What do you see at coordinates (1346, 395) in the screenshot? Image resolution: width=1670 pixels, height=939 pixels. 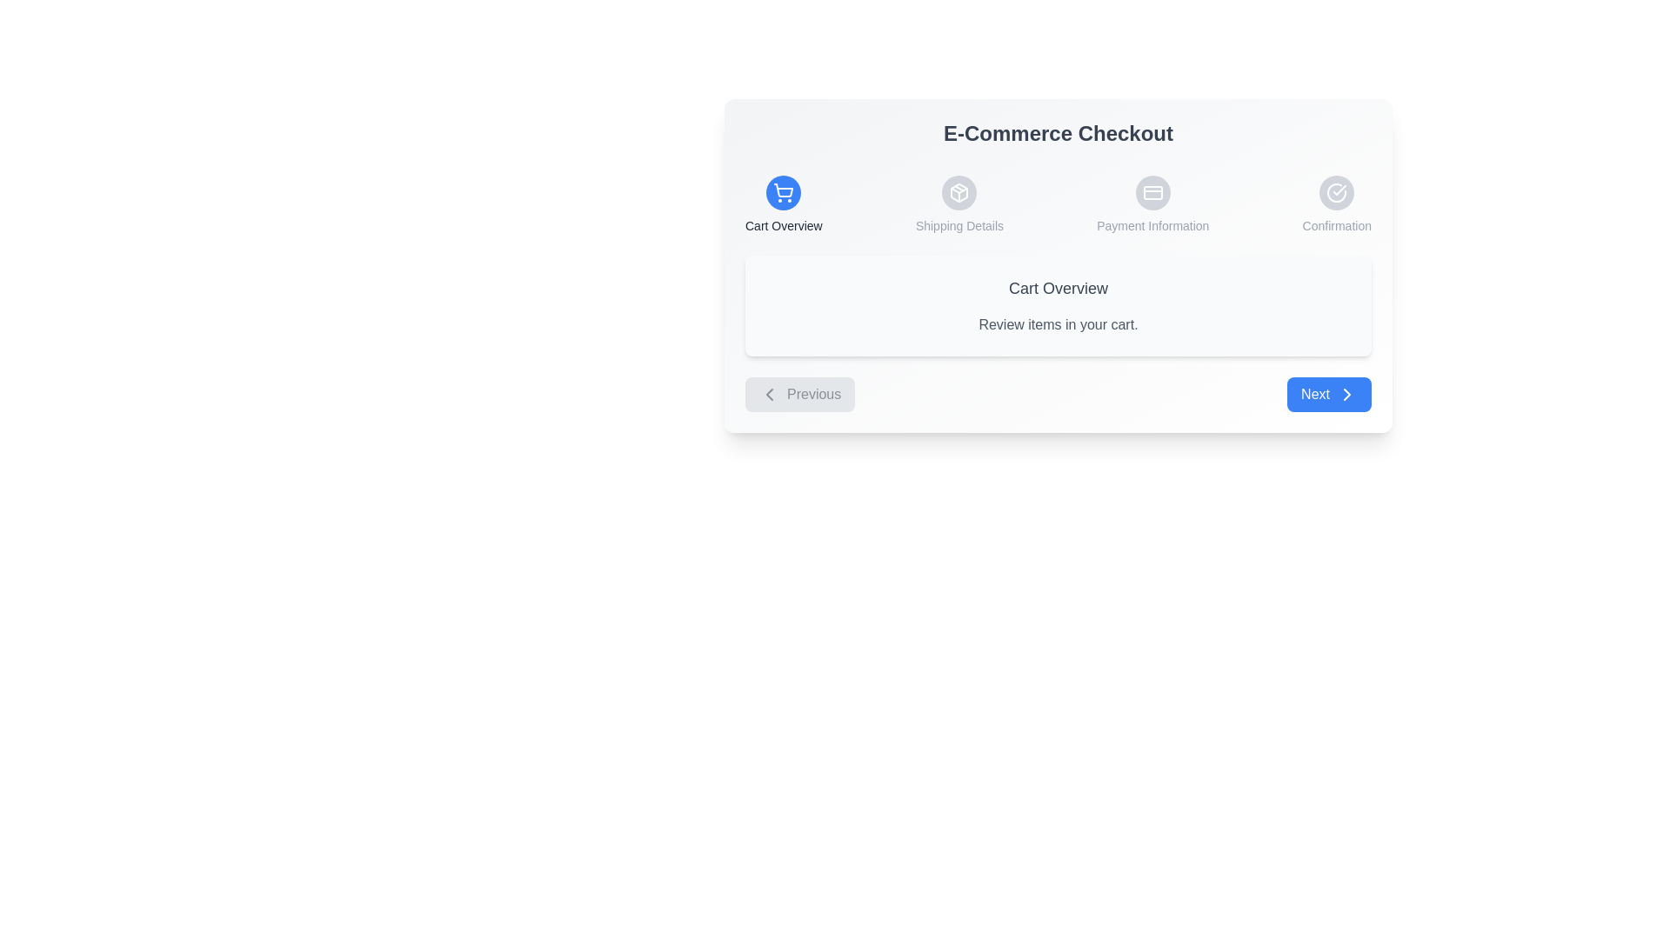 I see `the chevron icon located on the right side of the blue 'Next' button` at bounding box center [1346, 395].